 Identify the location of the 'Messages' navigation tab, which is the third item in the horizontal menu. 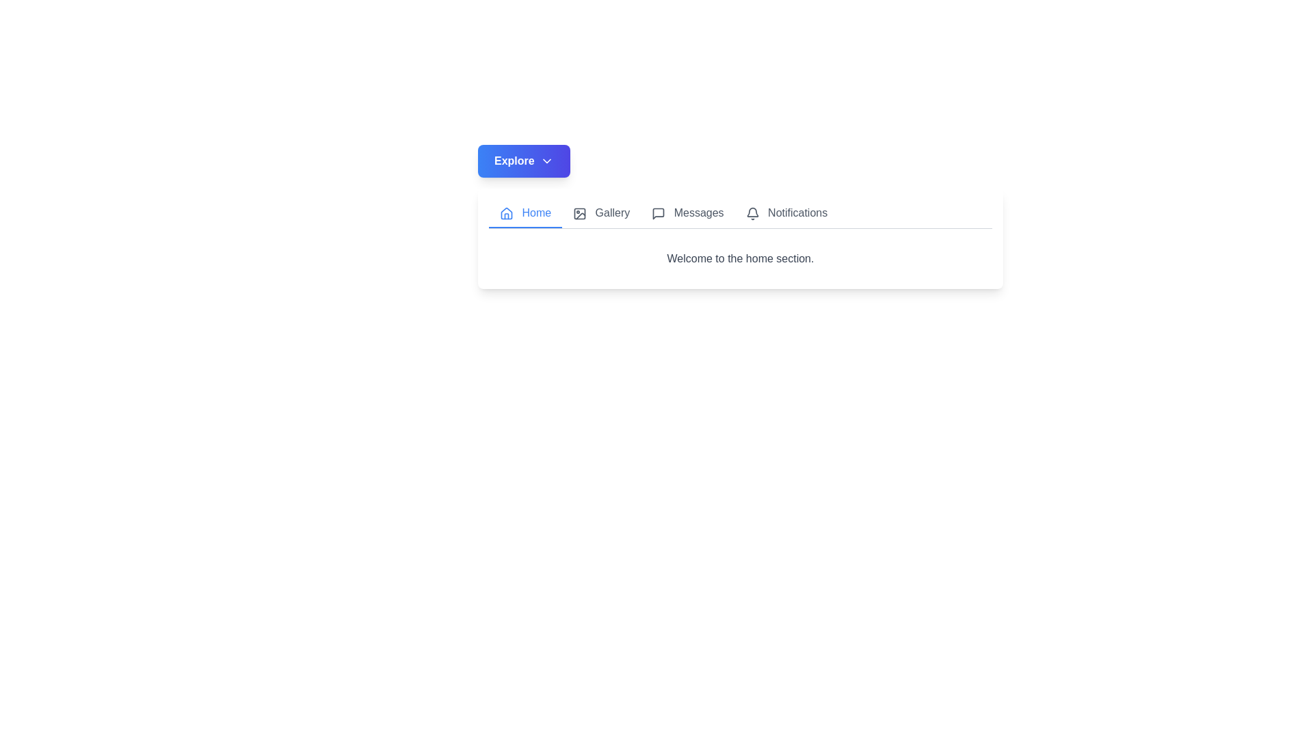
(687, 213).